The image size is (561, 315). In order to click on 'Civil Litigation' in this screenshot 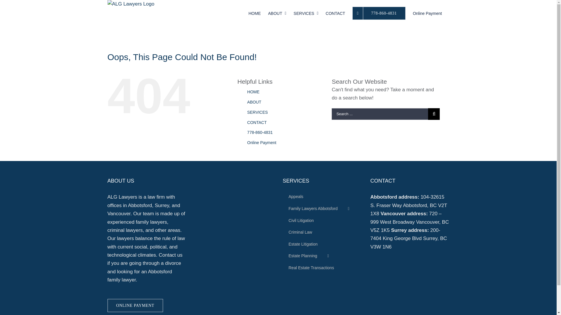, I will do `click(322, 220)`.